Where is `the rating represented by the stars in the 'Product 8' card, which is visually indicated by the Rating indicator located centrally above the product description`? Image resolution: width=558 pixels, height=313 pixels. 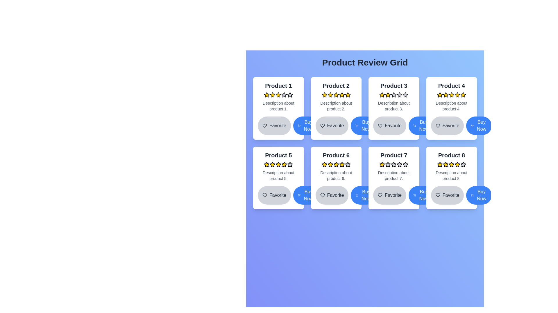
the rating represented by the stars in the 'Product 8' card, which is visually indicated by the Rating indicator located centrally above the product description is located at coordinates (451, 164).